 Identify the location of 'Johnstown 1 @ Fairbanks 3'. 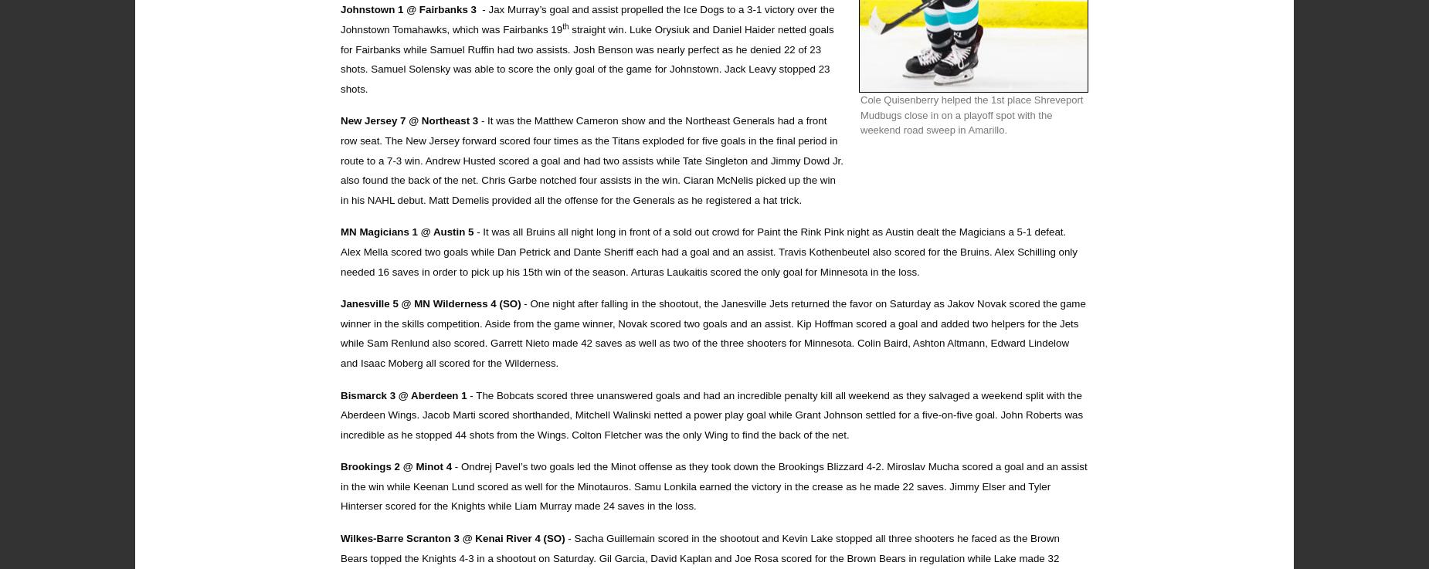
(340, 8).